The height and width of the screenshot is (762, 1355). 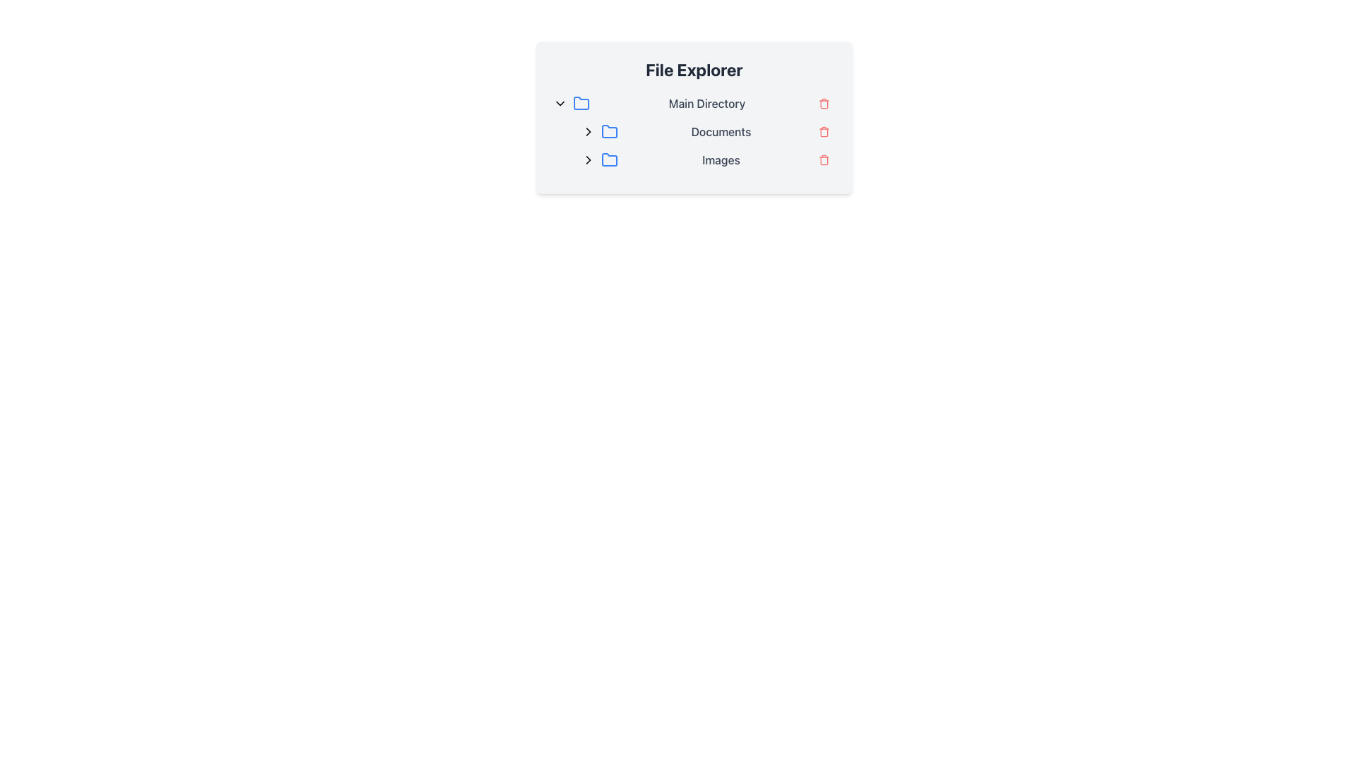 What do you see at coordinates (694, 70) in the screenshot?
I see `the 'File Explorer' header text which is bold and large in dark gray color, located at the top-center of the file browsing interface` at bounding box center [694, 70].